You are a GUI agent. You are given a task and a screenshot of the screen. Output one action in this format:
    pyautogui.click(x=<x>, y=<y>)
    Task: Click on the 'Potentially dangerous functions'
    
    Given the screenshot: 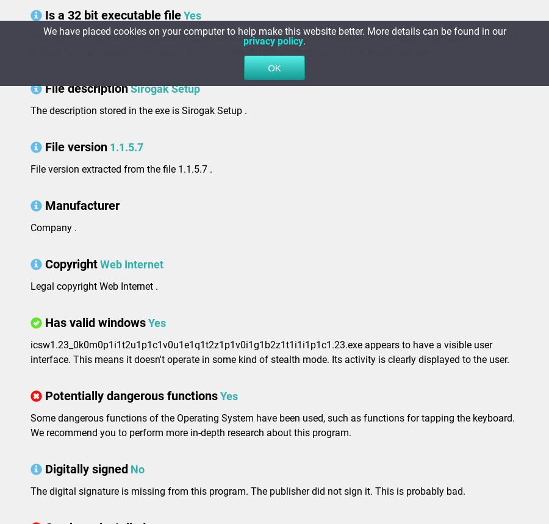 What is the action you would take?
    pyautogui.click(x=131, y=395)
    